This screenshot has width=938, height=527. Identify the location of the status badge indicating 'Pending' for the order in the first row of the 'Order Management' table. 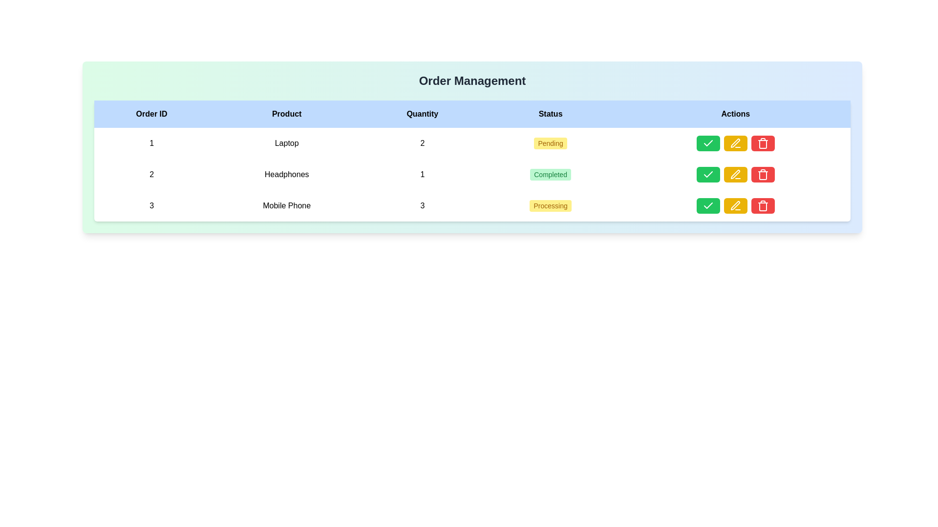
(551, 143).